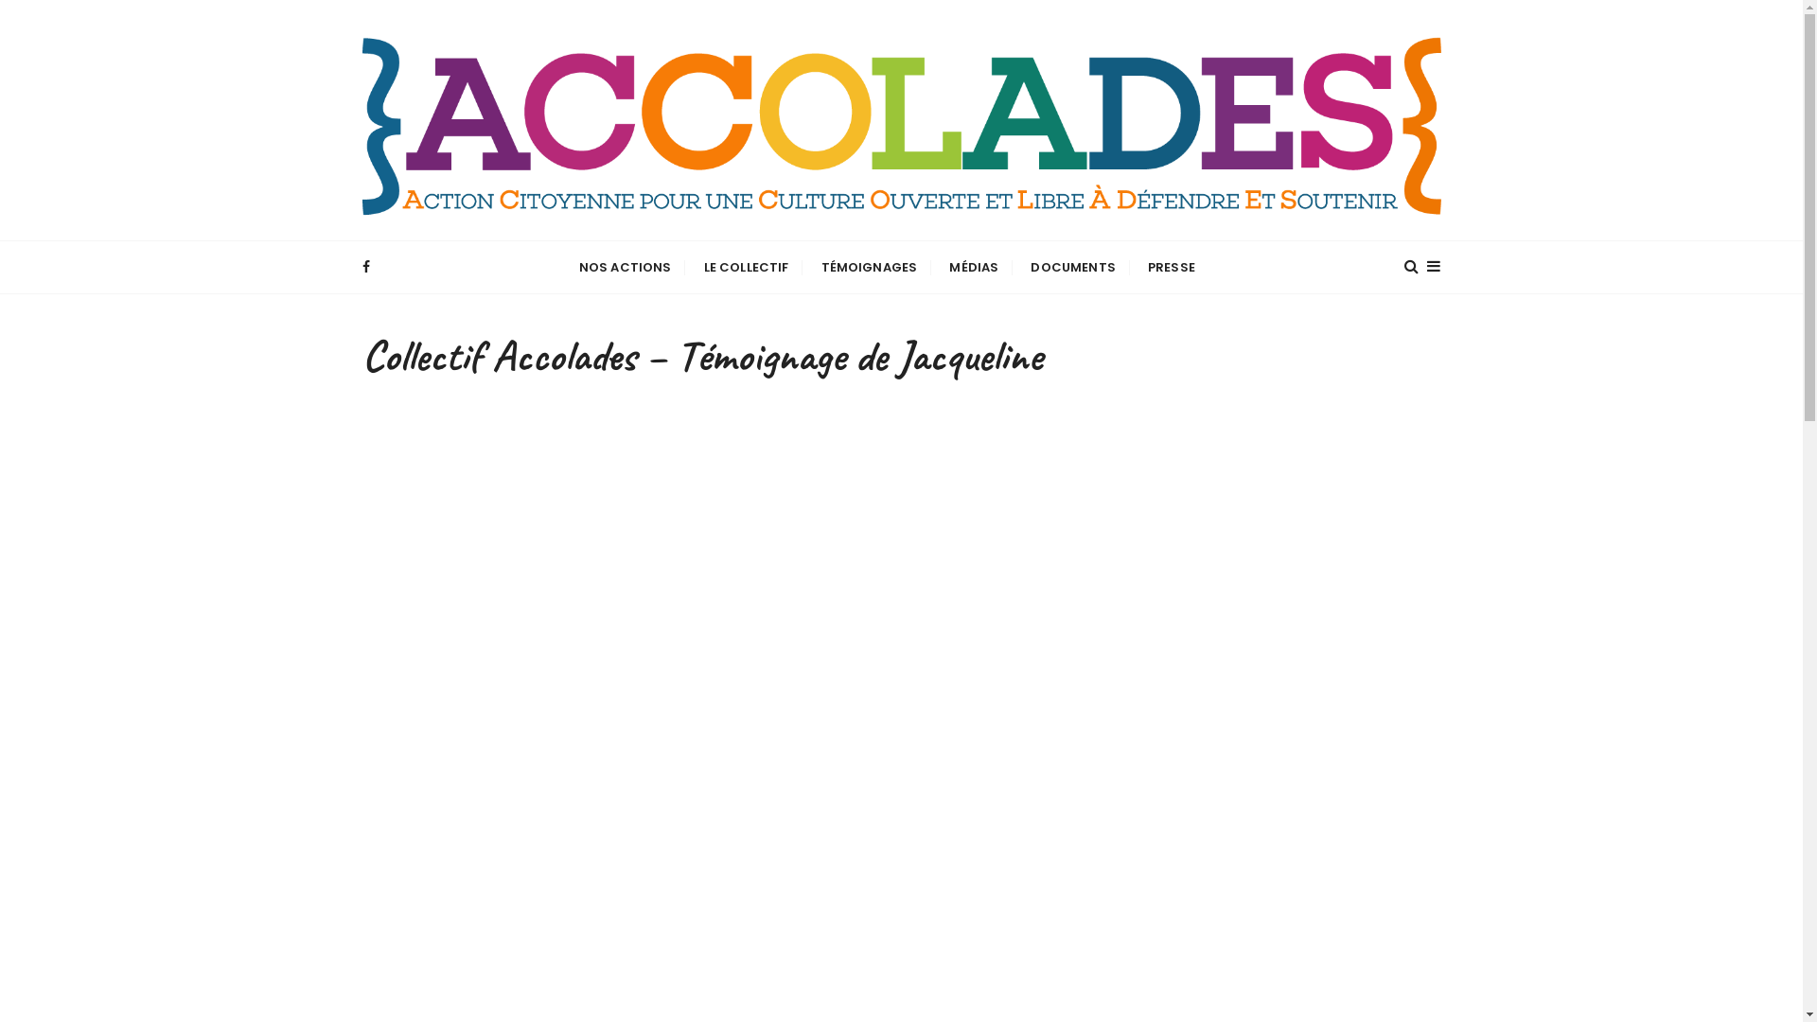 The image size is (1817, 1022). What do you see at coordinates (745, 266) in the screenshot?
I see `'LE COLLECTIF'` at bounding box center [745, 266].